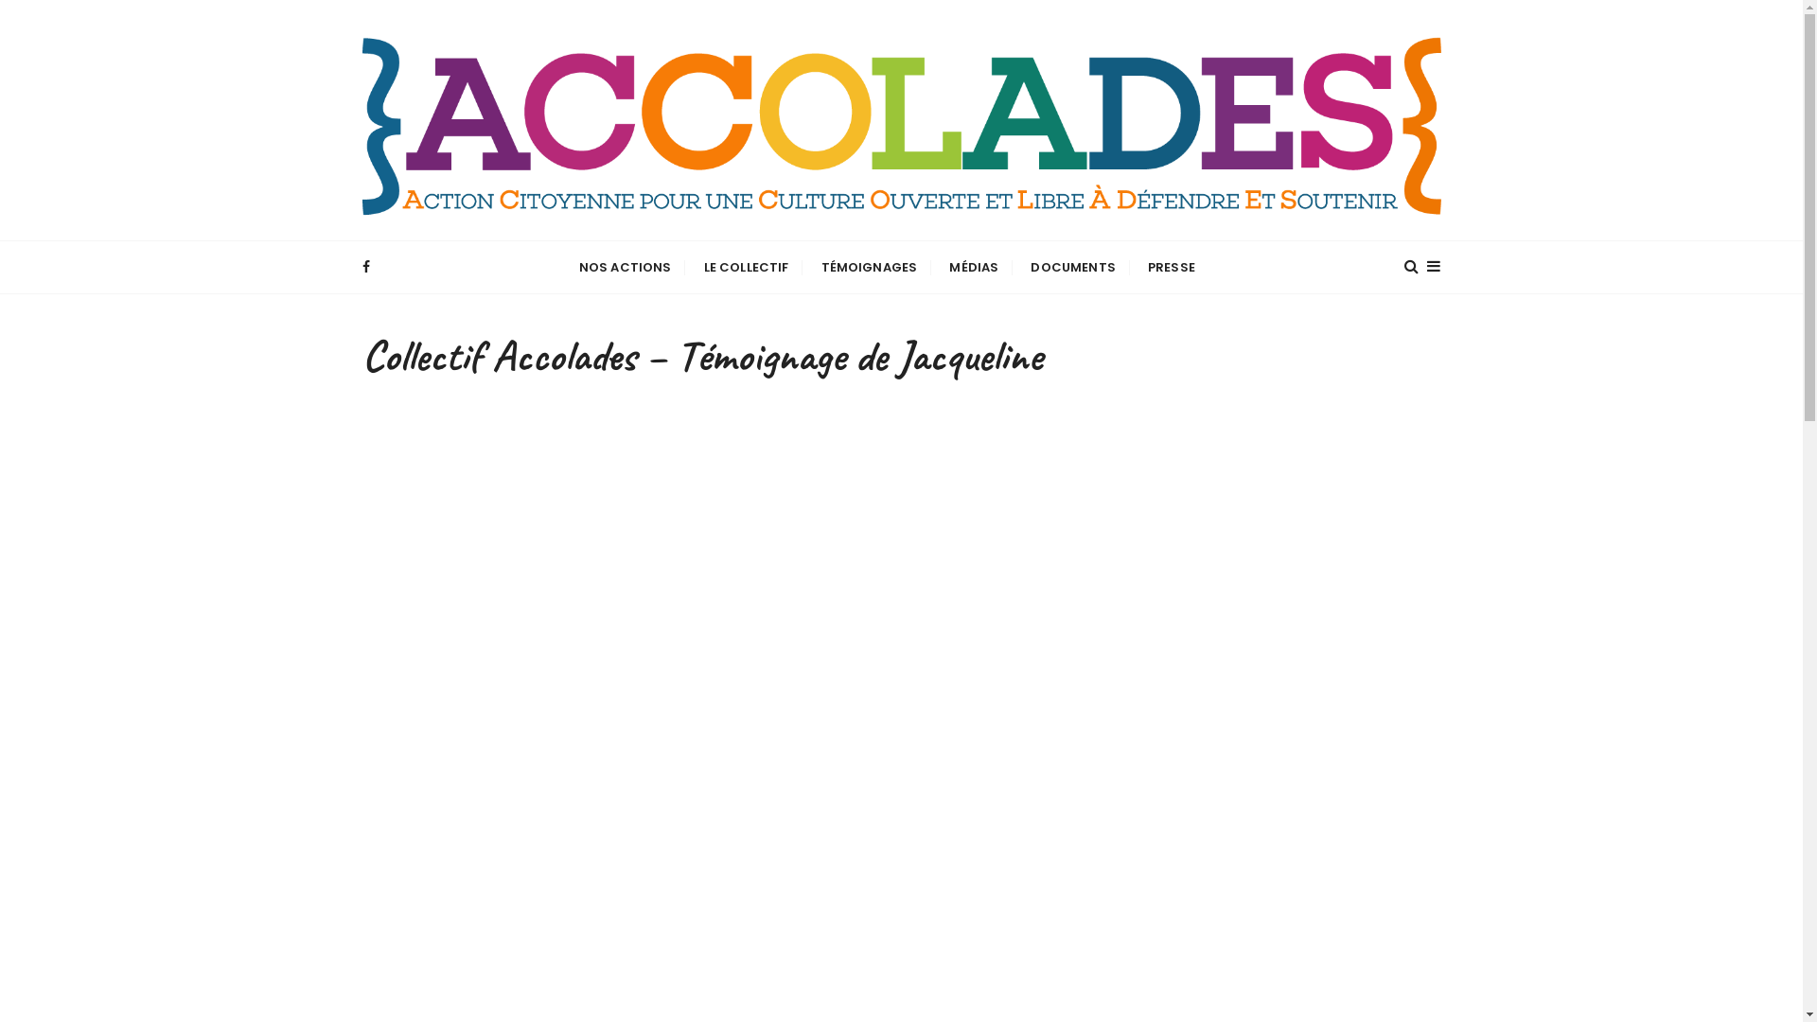 The image size is (1817, 1022). What do you see at coordinates (745, 266) in the screenshot?
I see `'LE COLLECTIF'` at bounding box center [745, 266].